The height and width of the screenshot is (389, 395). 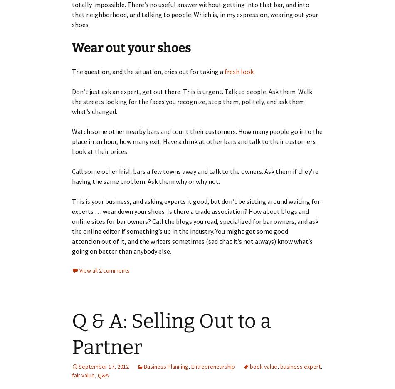 I want to click on 'The question, and the situation, cries out for taking a', so click(x=148, y=71).